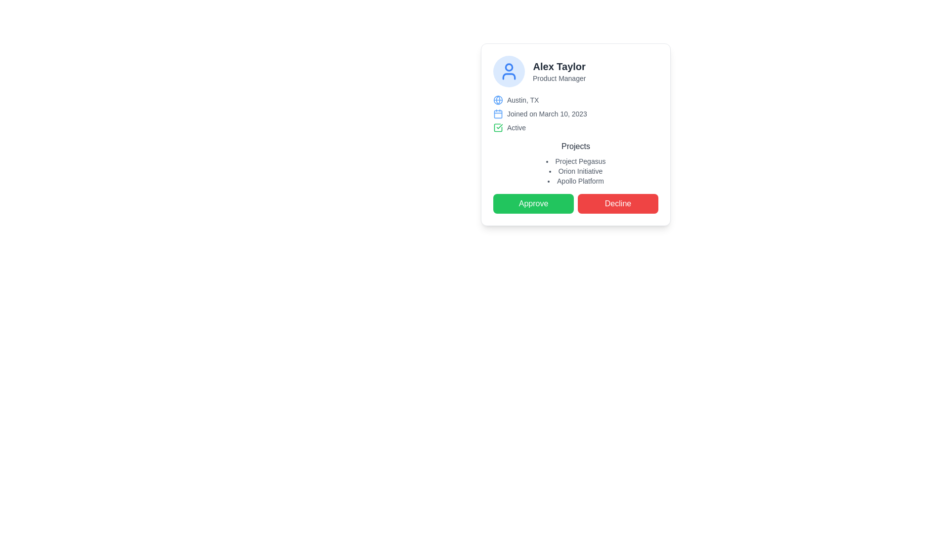 This screenshot has width=949, height=533. I want to click on the circular decorative vector component representing the head in the user profile icon located at the top-left corner of the card, so click(509, 67).